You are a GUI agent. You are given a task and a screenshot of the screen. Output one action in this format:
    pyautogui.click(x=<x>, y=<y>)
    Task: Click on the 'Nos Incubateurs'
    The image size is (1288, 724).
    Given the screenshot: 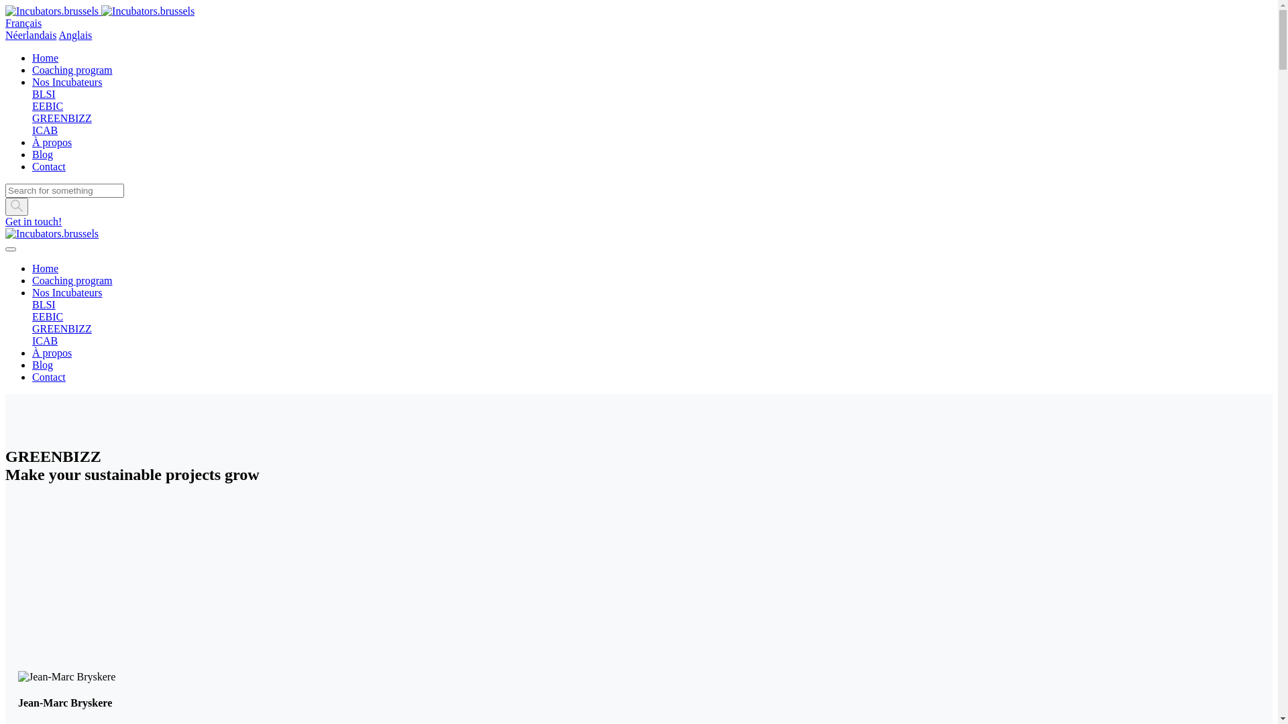 What is the action you would take?
    pyautogui.click(x=66, y=292)
    